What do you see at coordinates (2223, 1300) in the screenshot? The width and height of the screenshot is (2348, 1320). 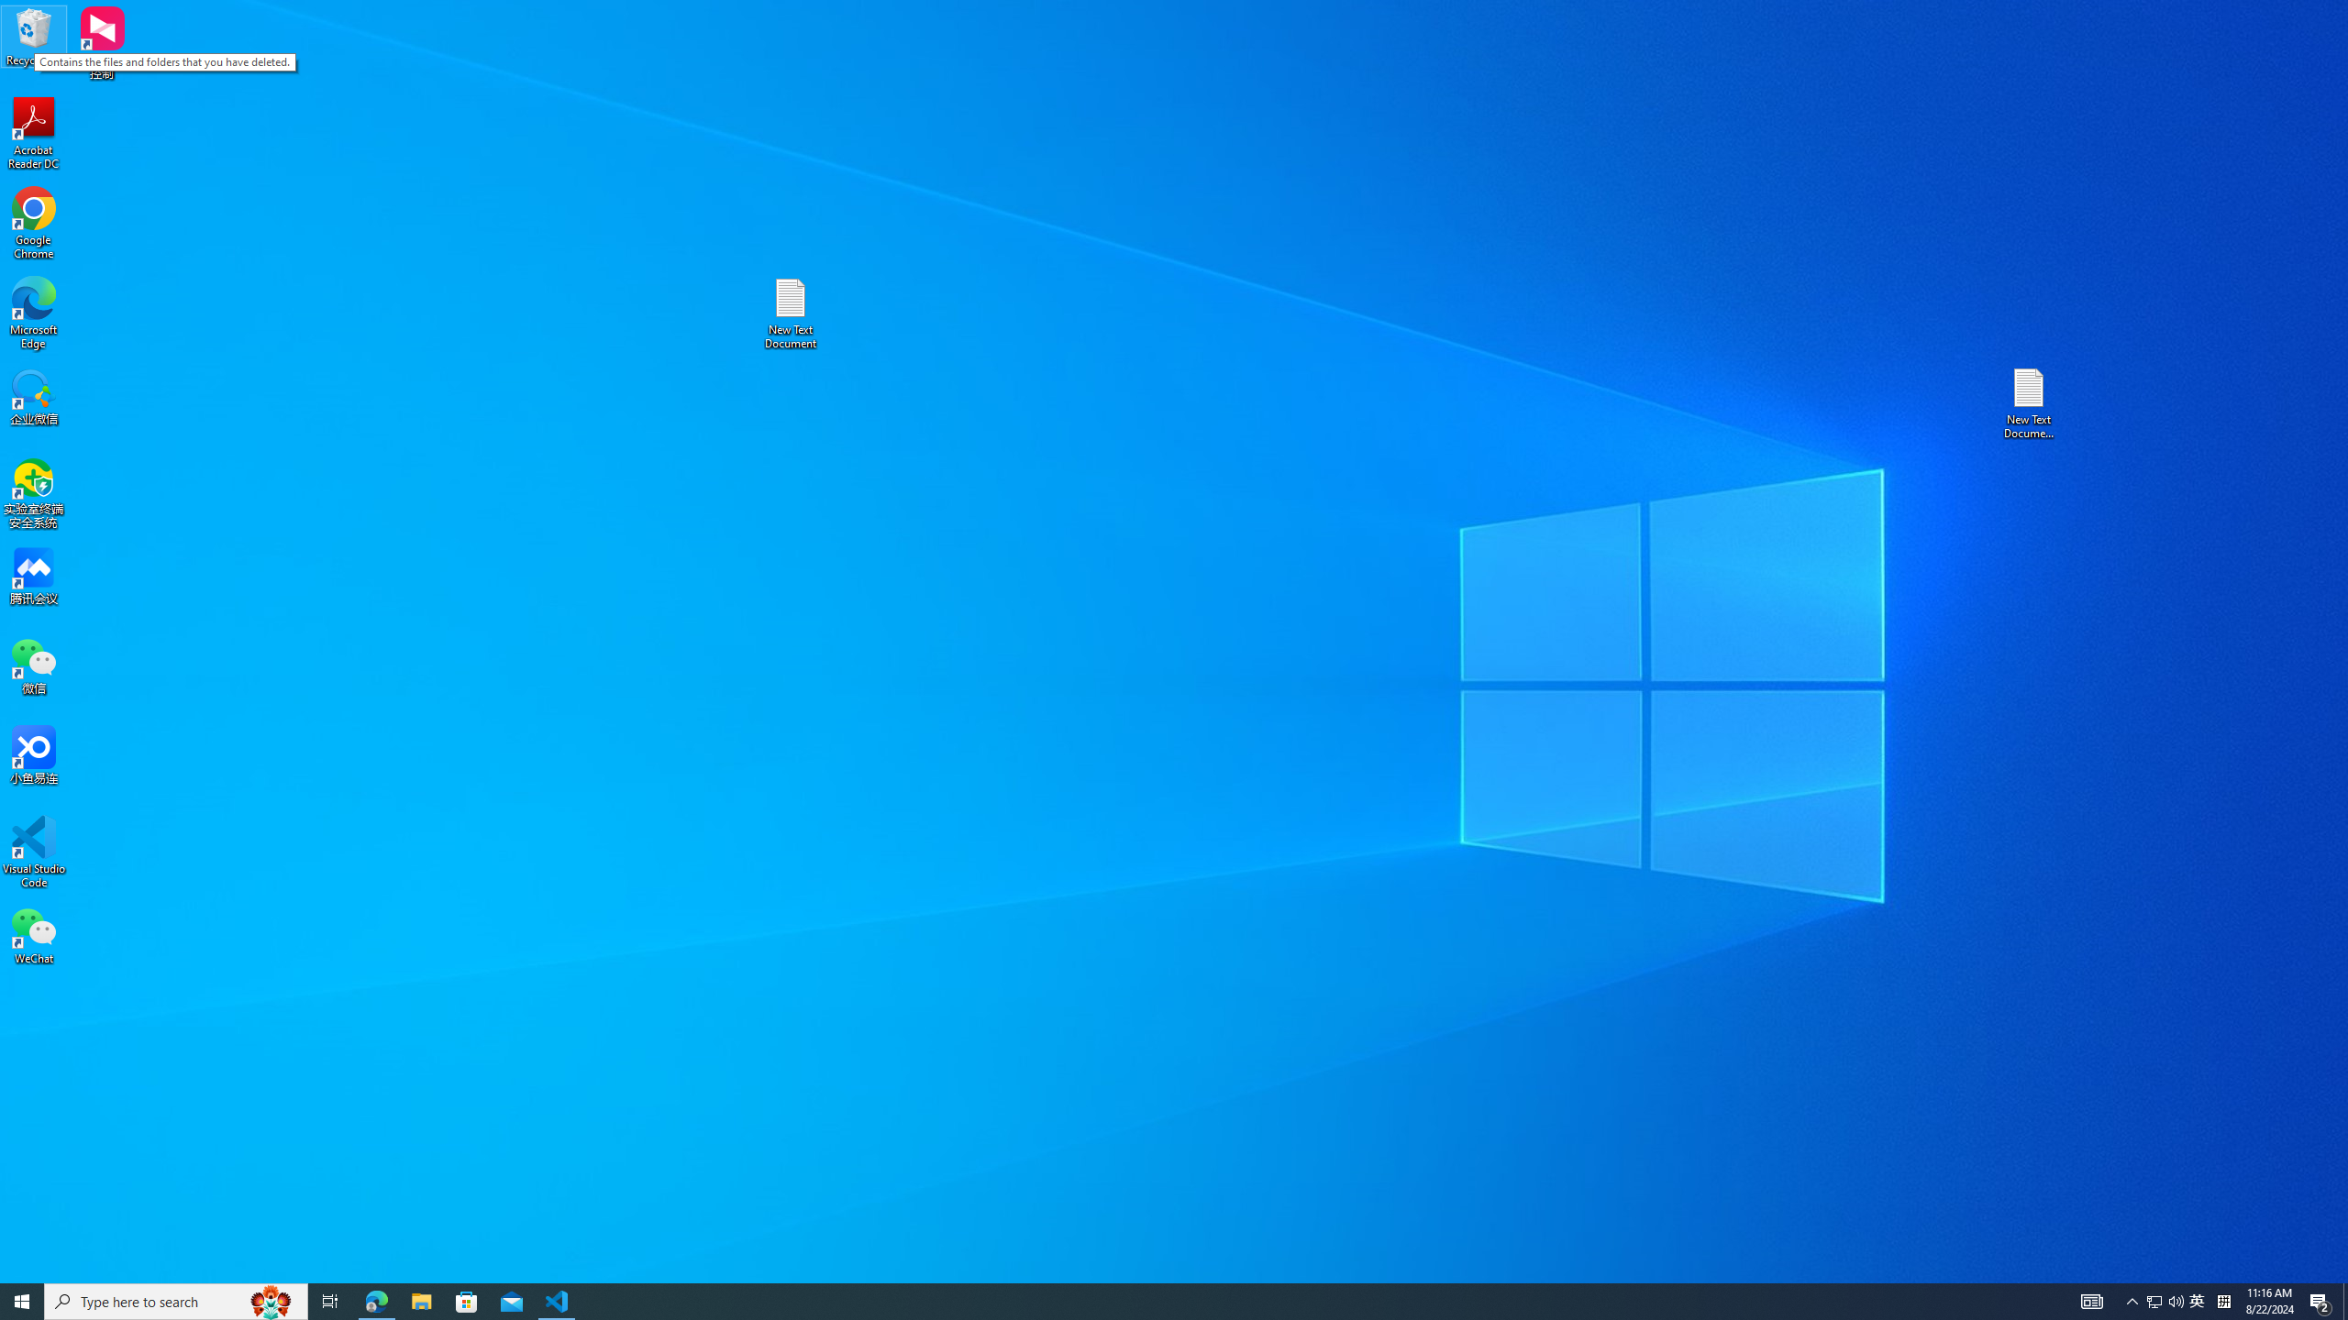 I see `'Tray Input Indicator - Chinese (Simplified, China)'` at bounding box center [2223, 1300].